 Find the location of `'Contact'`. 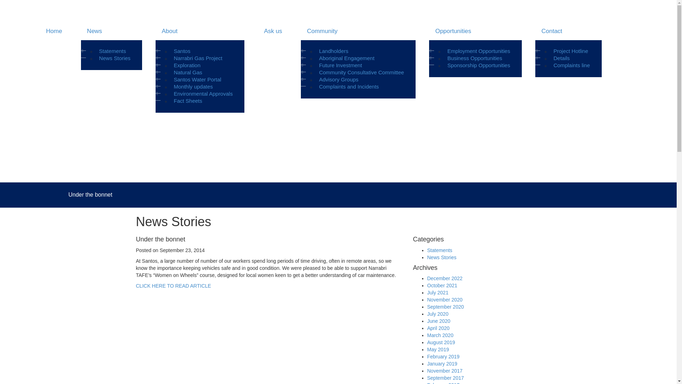

'Contact' is located at coordinates (568, 31).